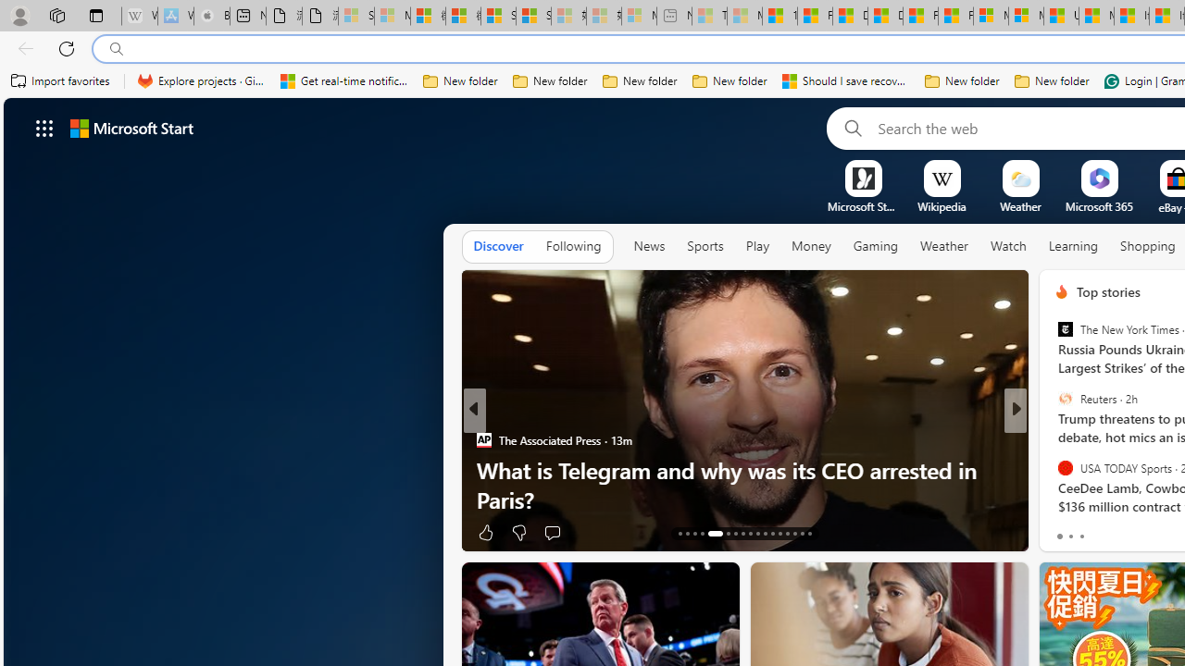 The image size is (1185, 666). I want to click on 'AutomationID: tab-17', so click(710, 534).